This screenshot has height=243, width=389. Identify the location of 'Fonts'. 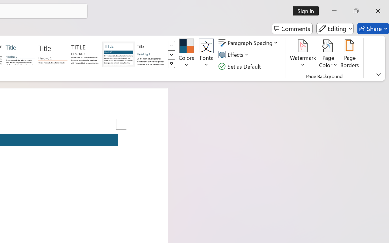
(206, 54).